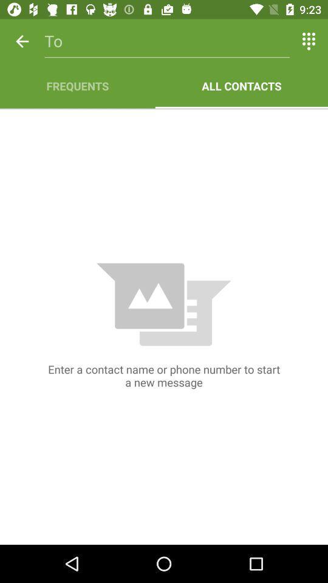  Describe the element at coordinates (241, 85) in the screenshot. I see `app next to the frequents icon` at that location.